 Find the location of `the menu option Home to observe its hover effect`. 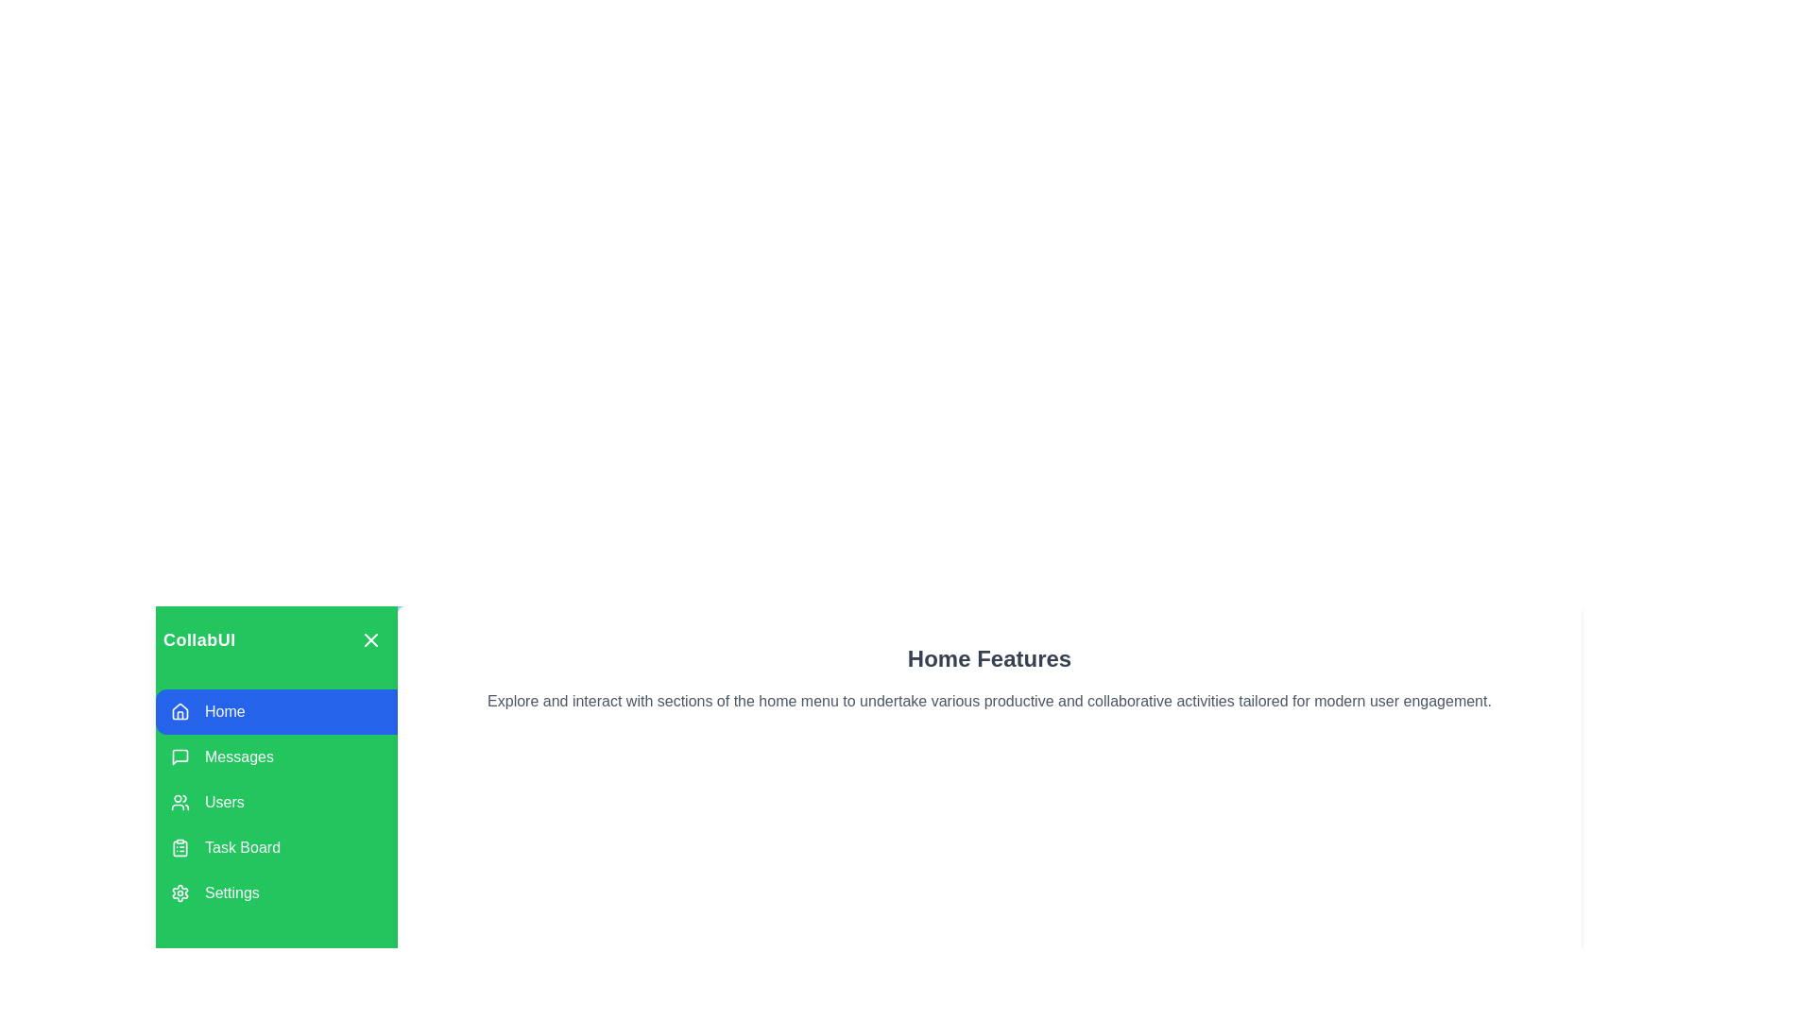

the menu option Home to observe its hover effect is located at coordinates (275, 711).